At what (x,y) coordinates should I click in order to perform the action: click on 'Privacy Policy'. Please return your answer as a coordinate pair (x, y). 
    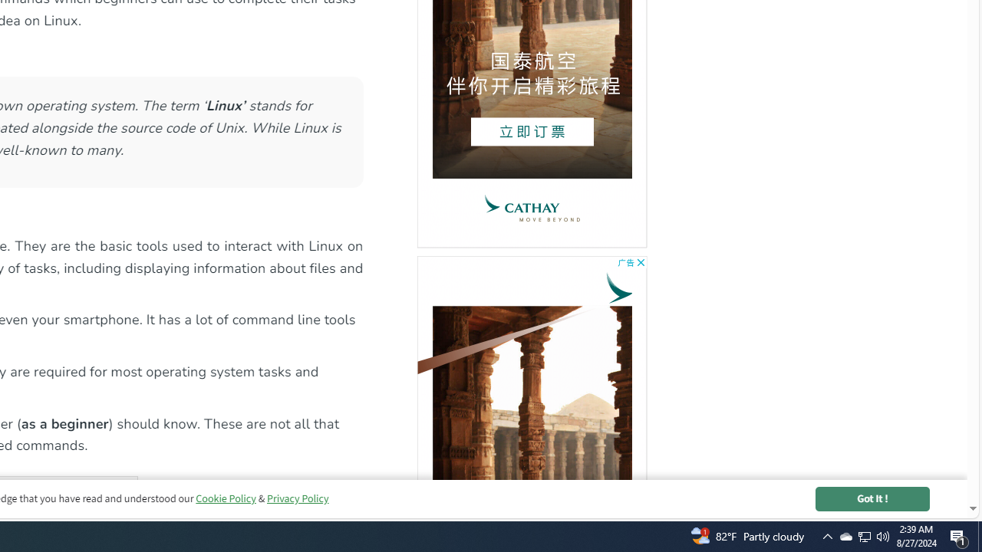
    Looking at the image, I should click on (297, 498).